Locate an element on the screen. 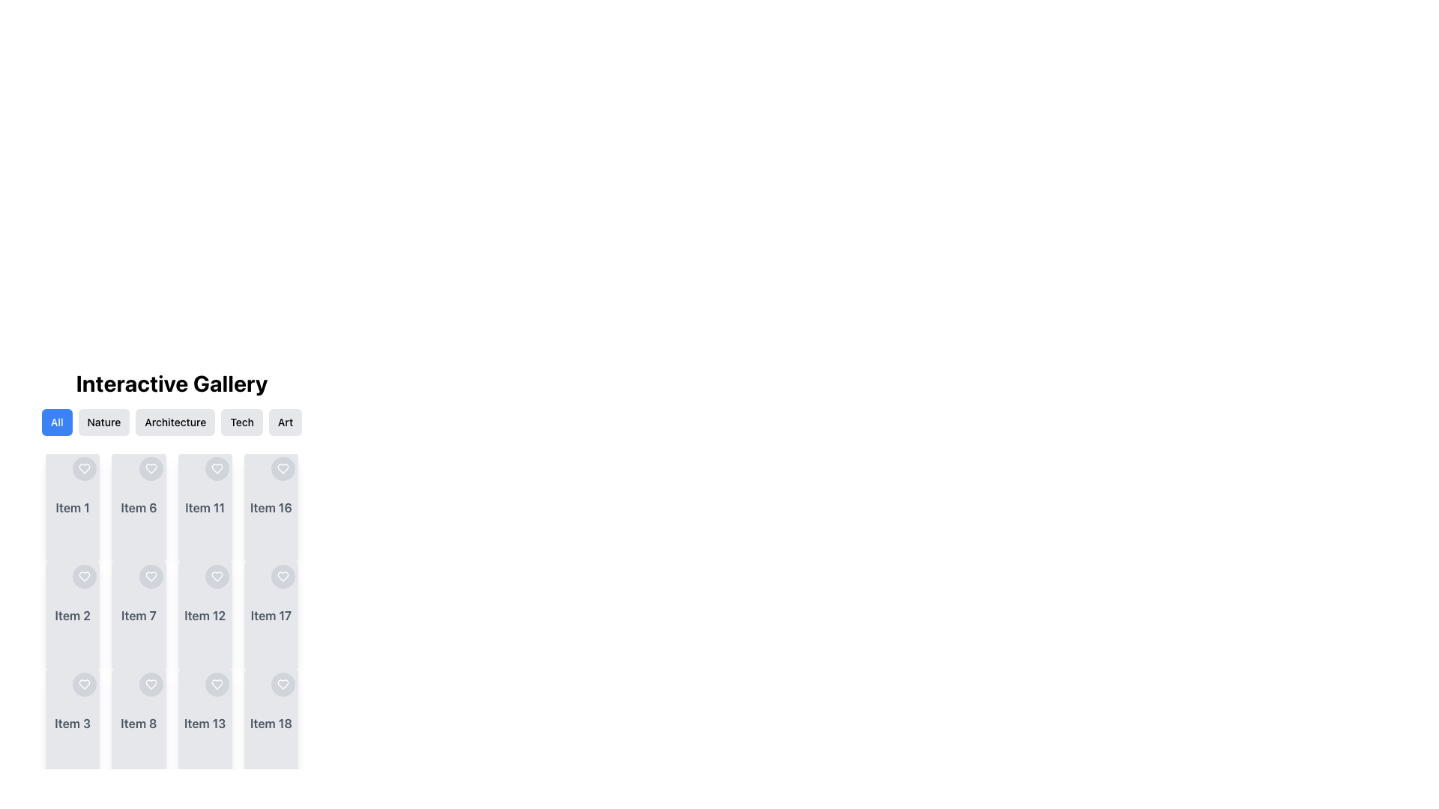  the 'View Details' text label, which is styled with a medium font size and located within a blue button with rounded corners at the bottom-left of the first column in the grid layout is located at coordinates (79, 507).